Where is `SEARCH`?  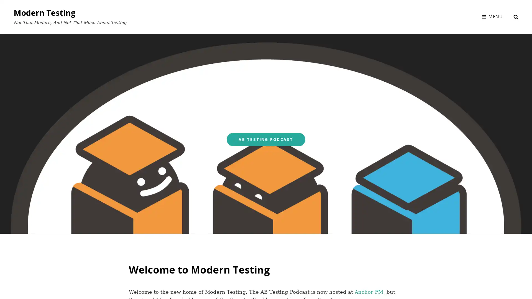
SEARCH is located at coordinates (516, 16).